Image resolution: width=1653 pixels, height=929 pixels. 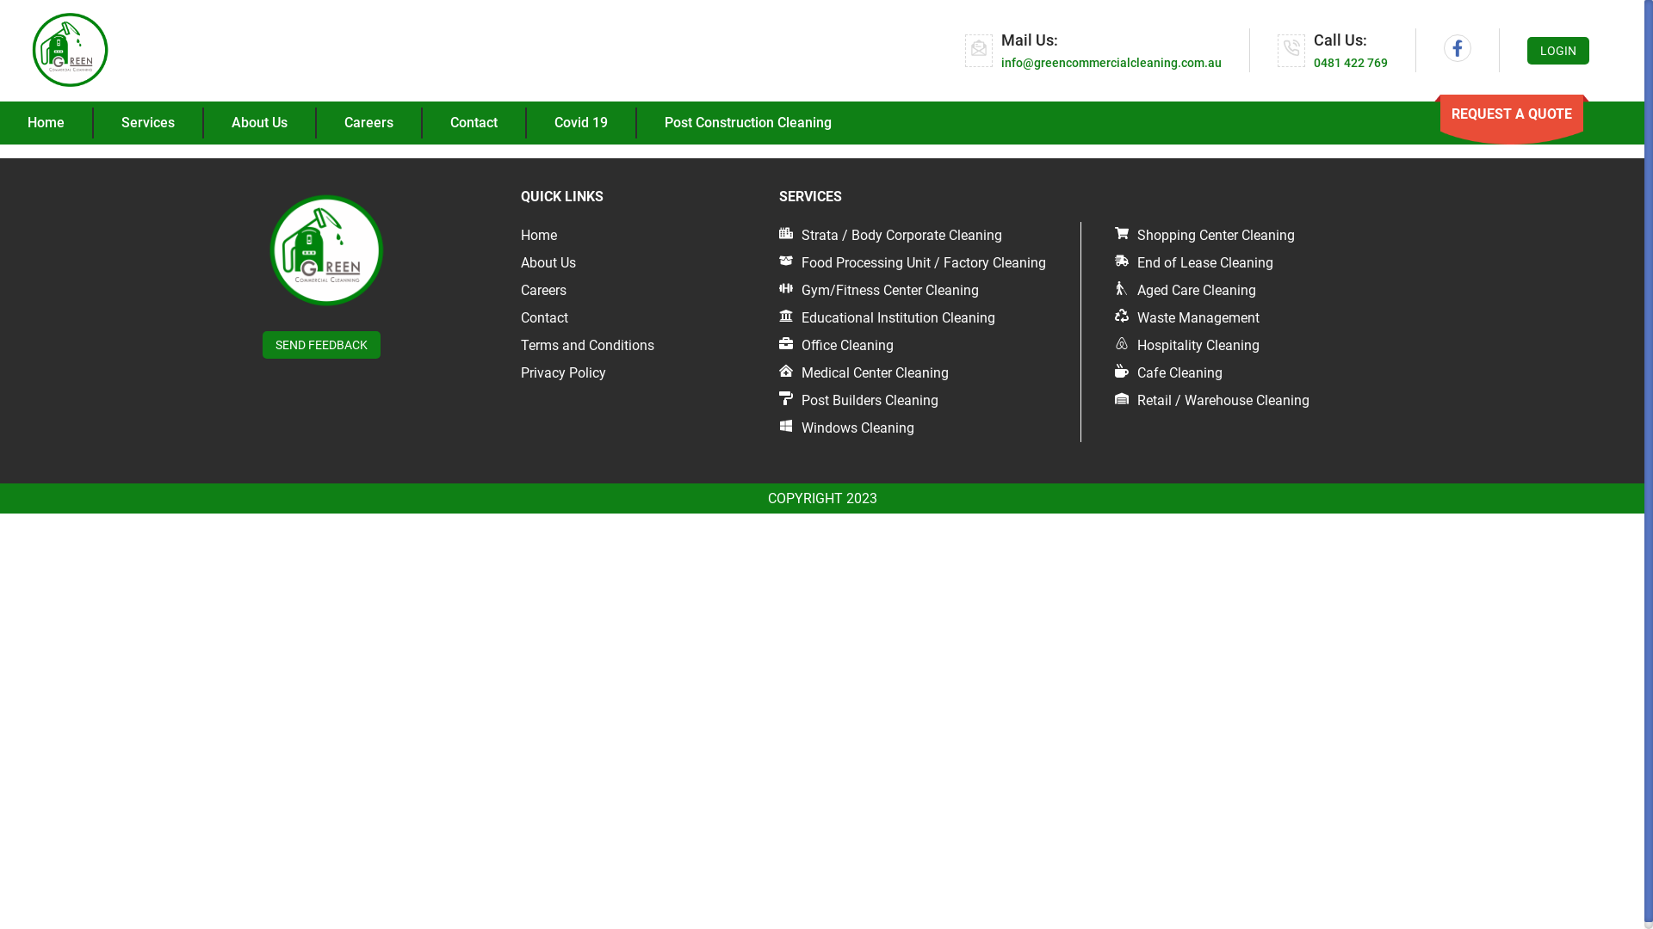 What do you see at coordinates (537, 235) in the screenshot?
I see `'Home'` at bounding box center [537, 235].